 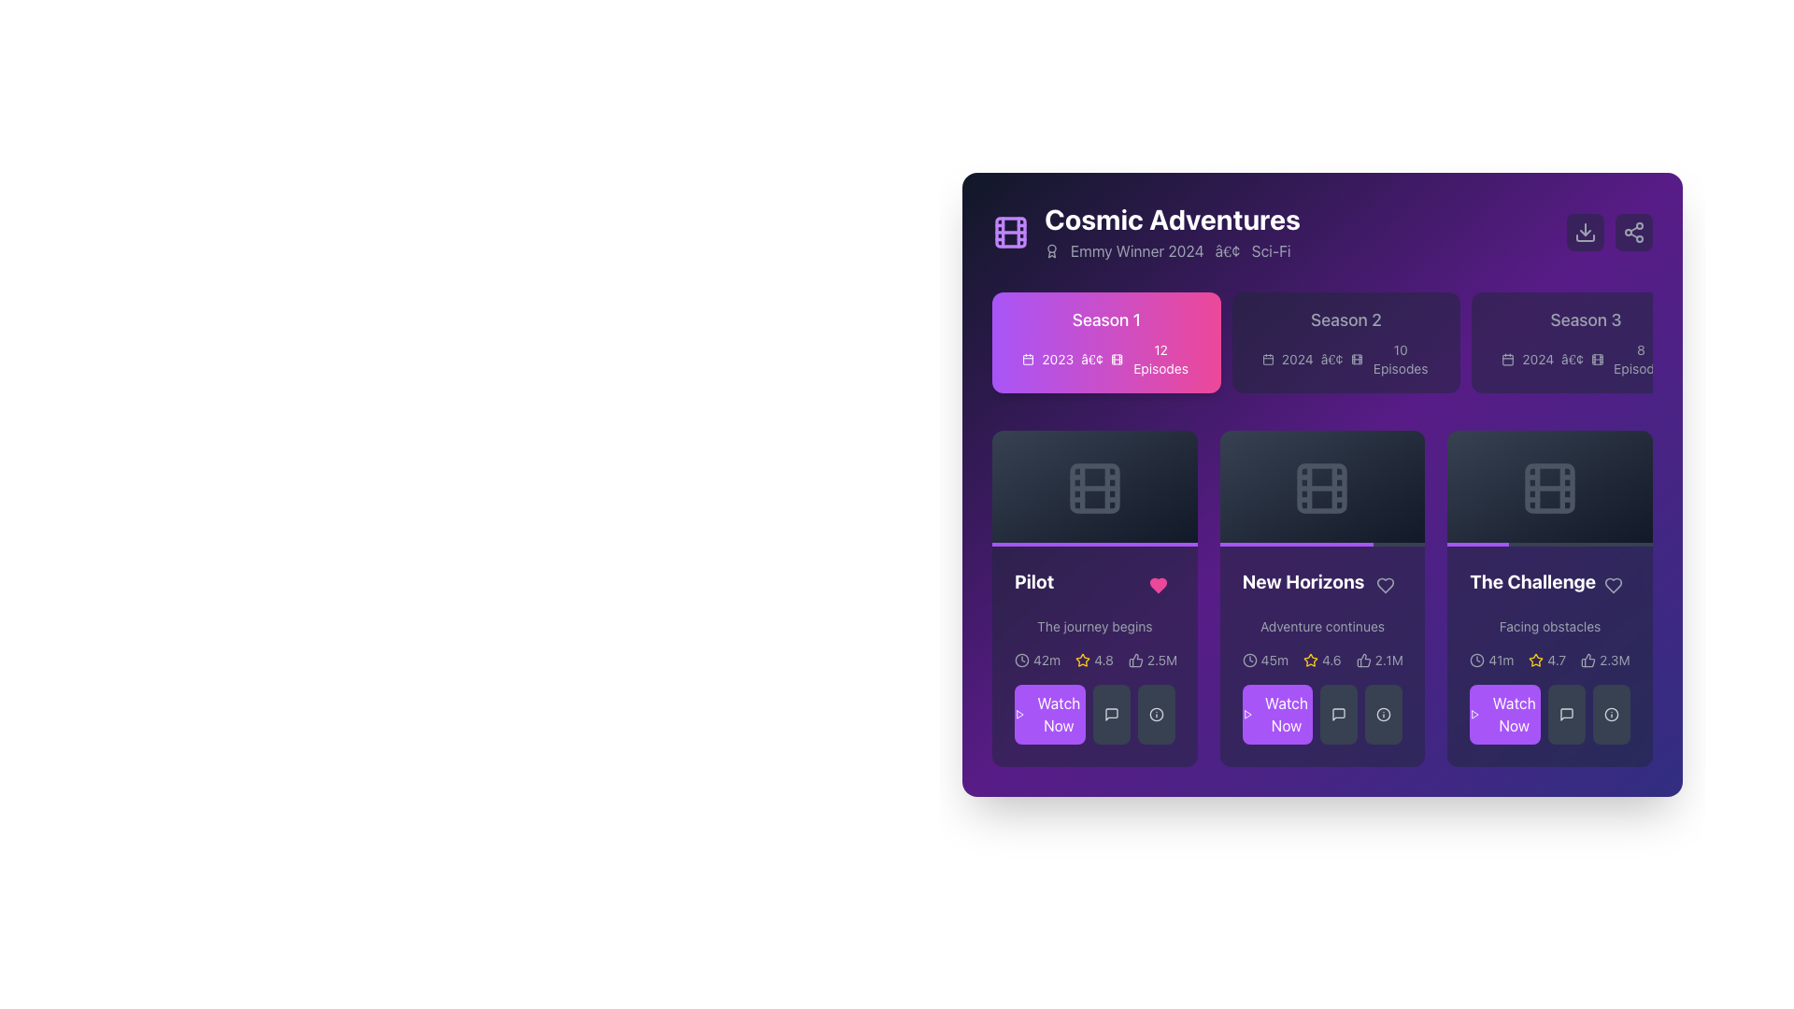 I want to click on the third icon in the 'Cosmic Adventures' card layout, representing 'Season 3', so click(x=1597, y=360).